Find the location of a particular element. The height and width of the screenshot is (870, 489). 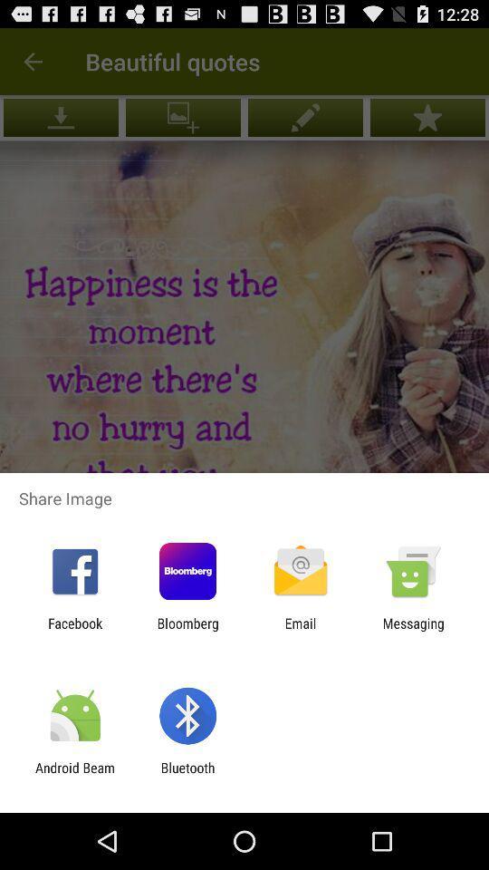

item next to facebook is located at coordinates (187, 631).